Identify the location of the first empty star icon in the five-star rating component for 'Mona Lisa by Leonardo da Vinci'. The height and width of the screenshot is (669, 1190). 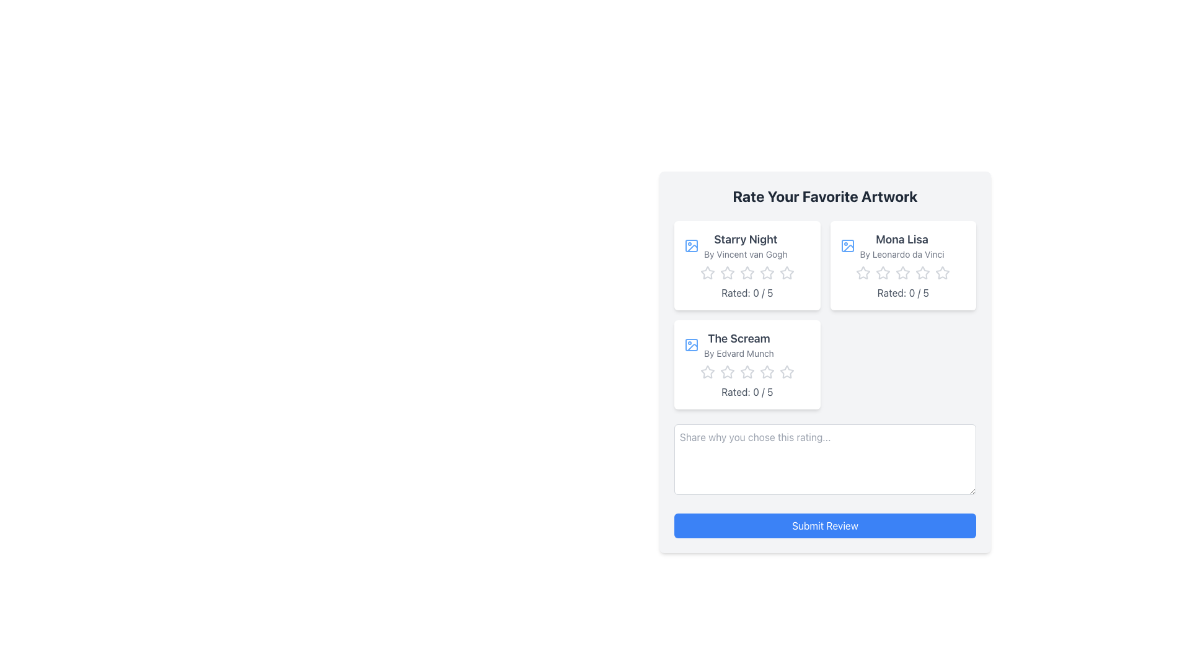
(863, 272).